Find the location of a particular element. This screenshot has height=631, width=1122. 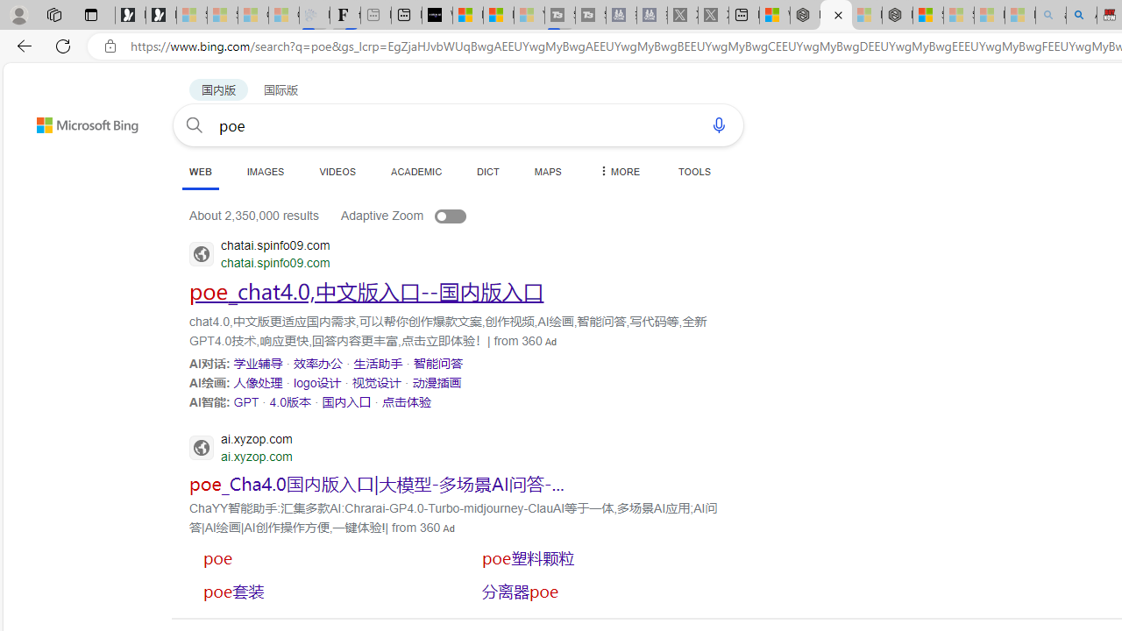

'Personal Profile' is located at coordinates (18, 14).